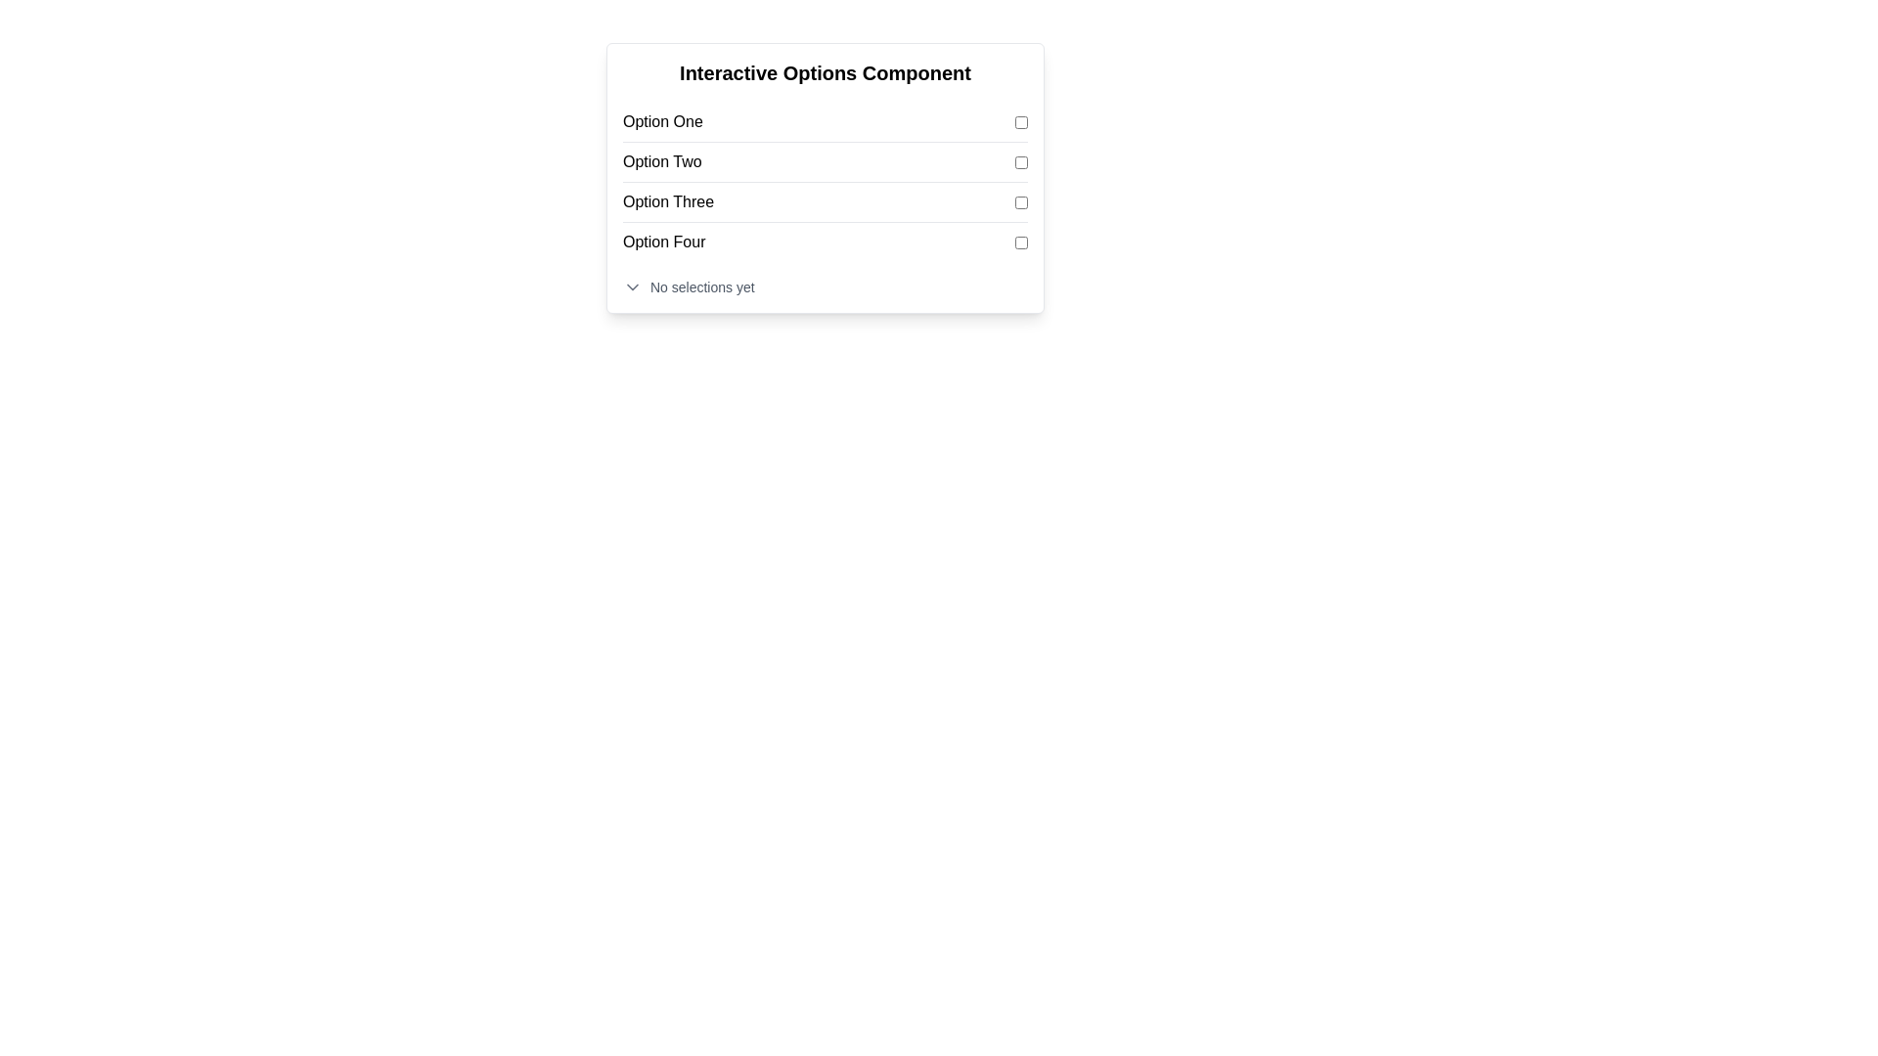 The image size is (1878, 1056). Describe the element at coordinates (826, 241) in the screenshot. I see `the fourth item in the list that contains a checkbox input` at that location.